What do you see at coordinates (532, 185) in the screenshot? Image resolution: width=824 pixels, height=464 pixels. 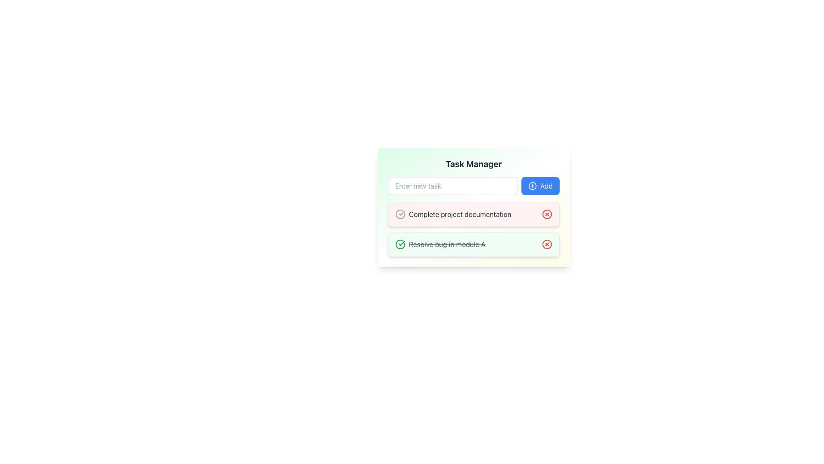 I see `the small circular plus icon within the blue 'Add' button` at bounding box center [532, 185].